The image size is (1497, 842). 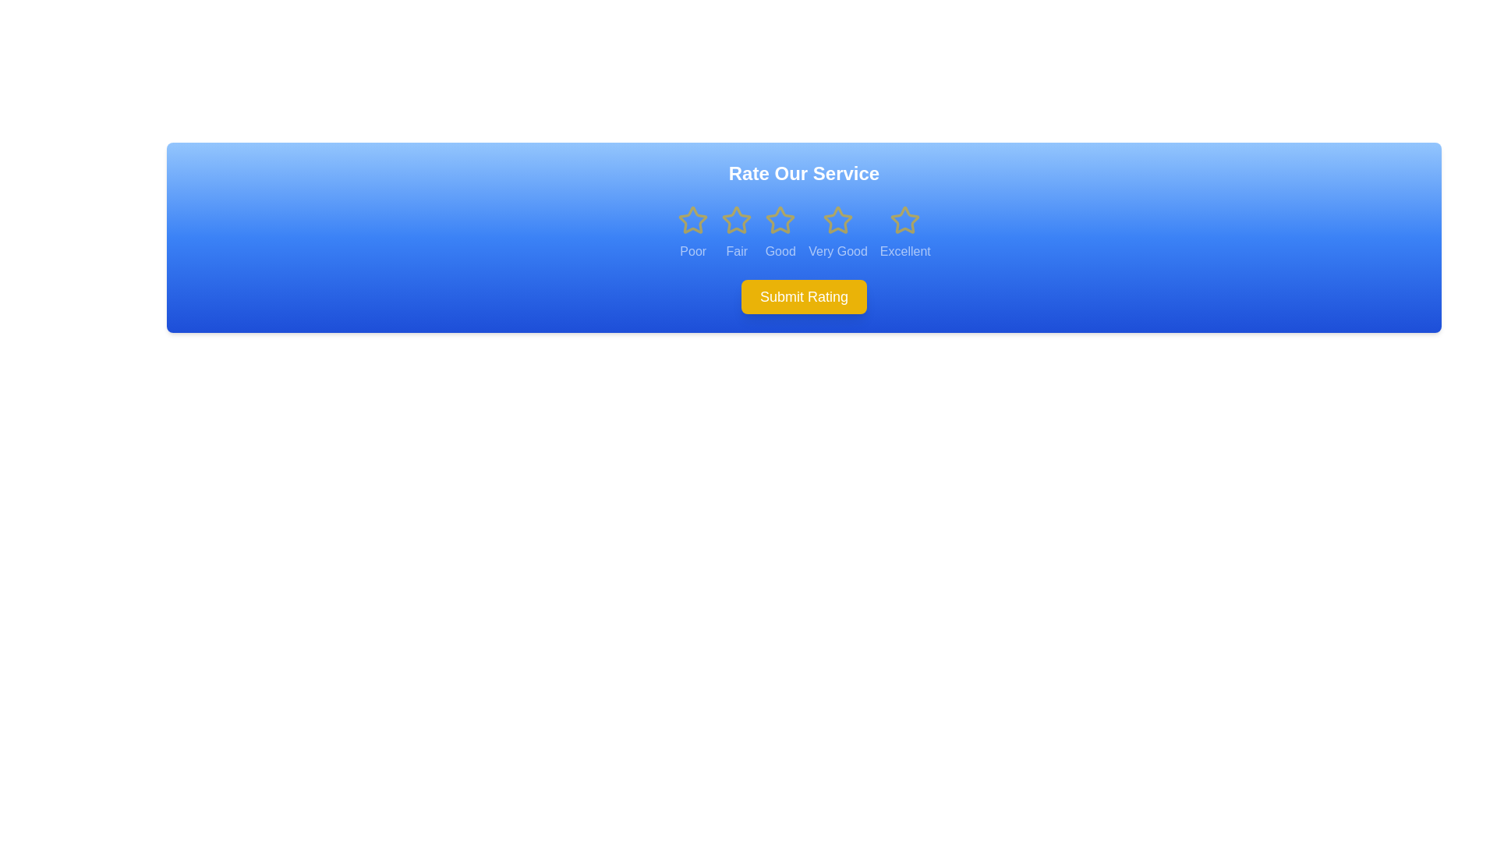 I want to click on the third star icon, so click(x=780, y=220).